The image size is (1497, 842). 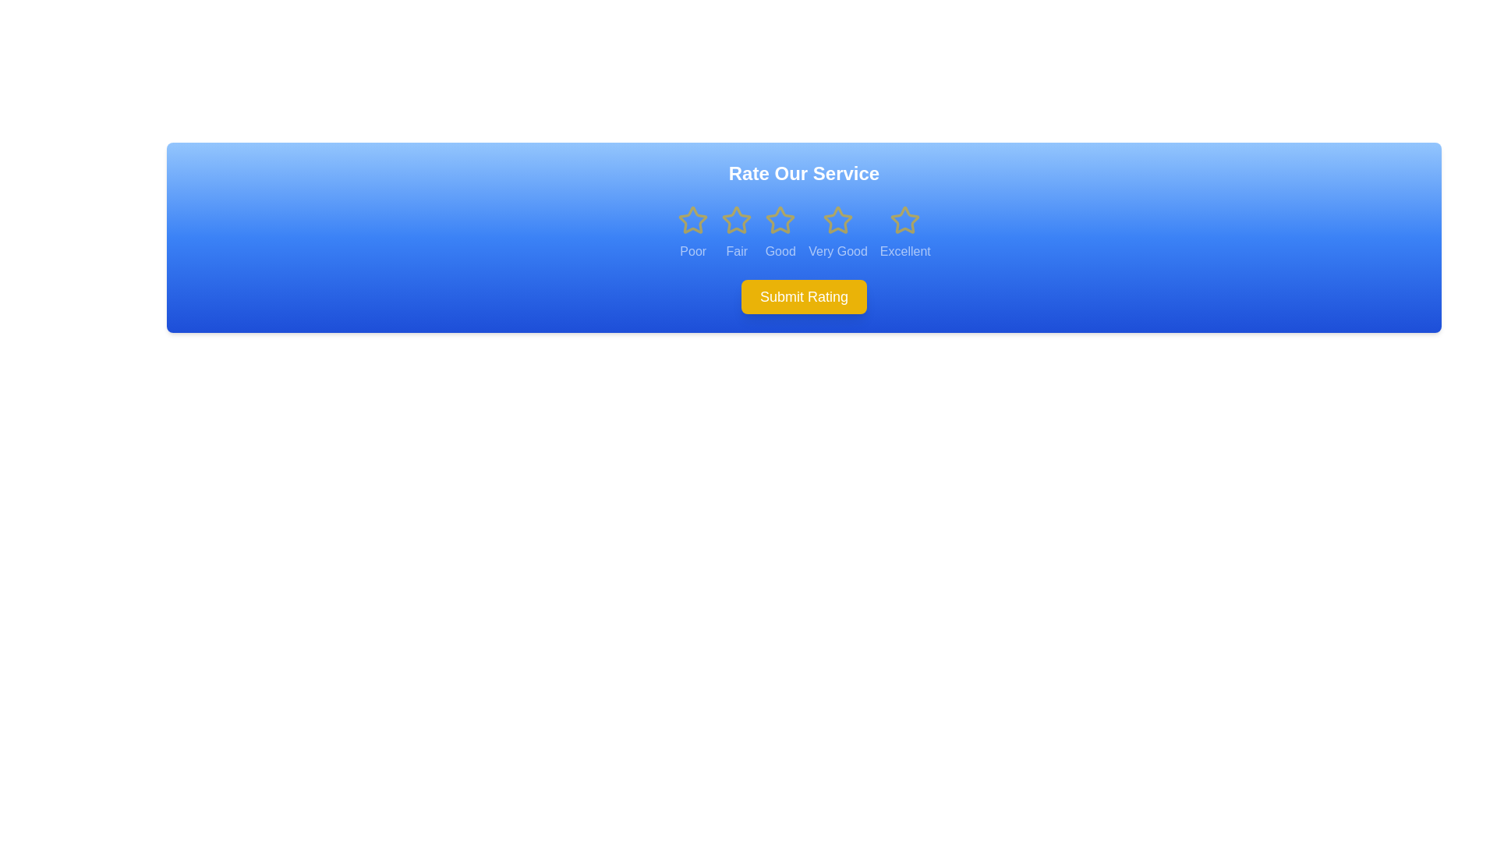 I want to click on the third star icon, so click(x=780, y=220).